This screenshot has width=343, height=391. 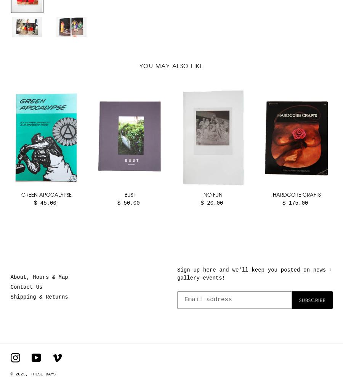 I want to click on 'Sign up here and we'll keep you posted on news + gallery events!', so click(x=255, y=273).